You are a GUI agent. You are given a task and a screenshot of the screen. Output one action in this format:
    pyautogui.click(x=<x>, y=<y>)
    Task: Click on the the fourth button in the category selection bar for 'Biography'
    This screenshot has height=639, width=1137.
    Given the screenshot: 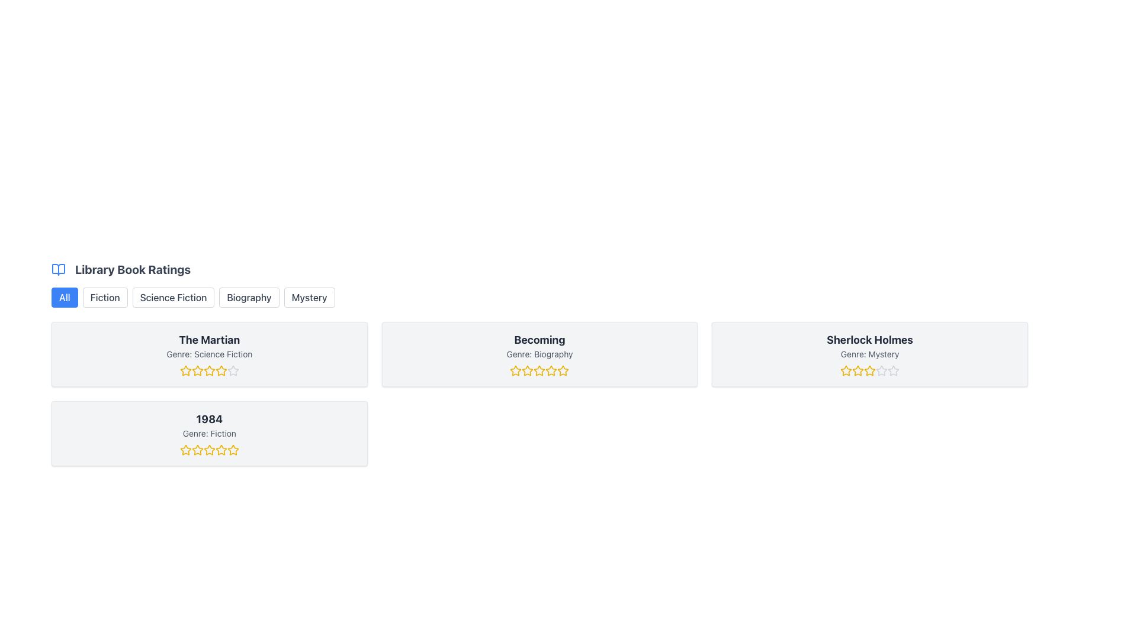 What is the action you would take?
    pyautogui.click(x=249, y=296)
    